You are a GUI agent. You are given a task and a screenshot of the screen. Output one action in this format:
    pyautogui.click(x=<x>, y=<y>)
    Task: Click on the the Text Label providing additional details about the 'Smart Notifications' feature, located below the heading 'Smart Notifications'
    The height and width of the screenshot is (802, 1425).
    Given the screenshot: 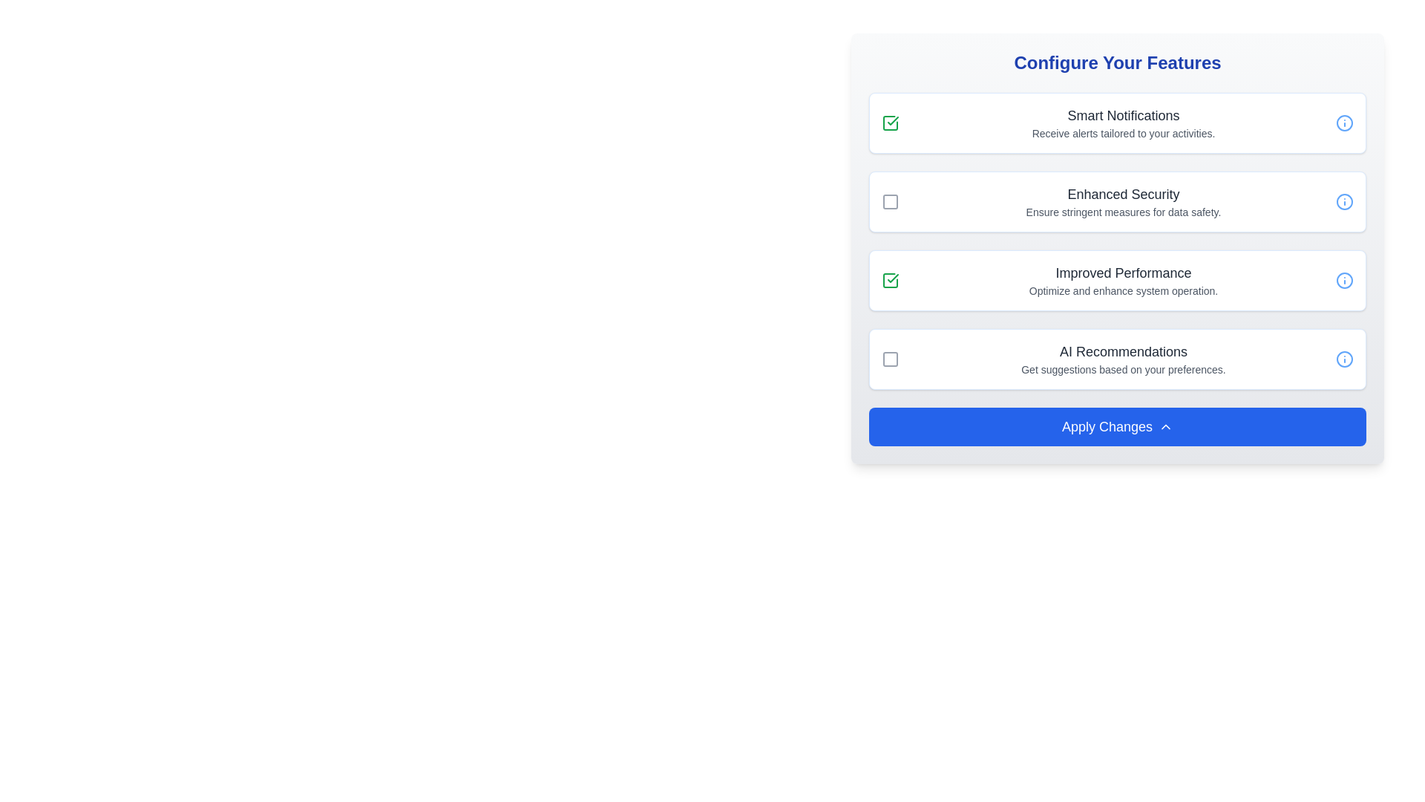 What is the action you would take?
    pyautogui.click(x=1123, y=134)
    